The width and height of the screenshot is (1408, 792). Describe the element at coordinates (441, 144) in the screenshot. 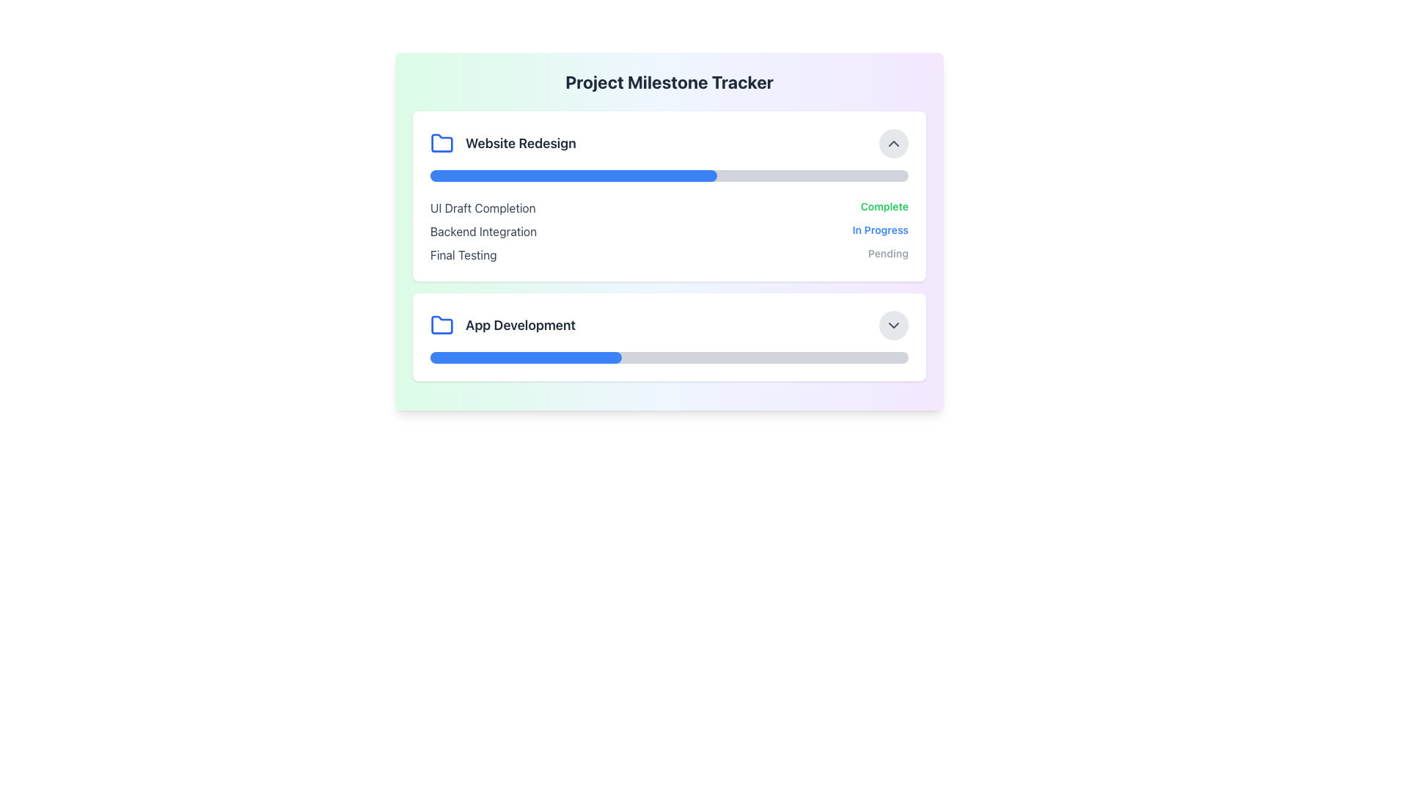

I see `the blue folder icon located to the far left of the 'Website Redesign' text label` at that location.